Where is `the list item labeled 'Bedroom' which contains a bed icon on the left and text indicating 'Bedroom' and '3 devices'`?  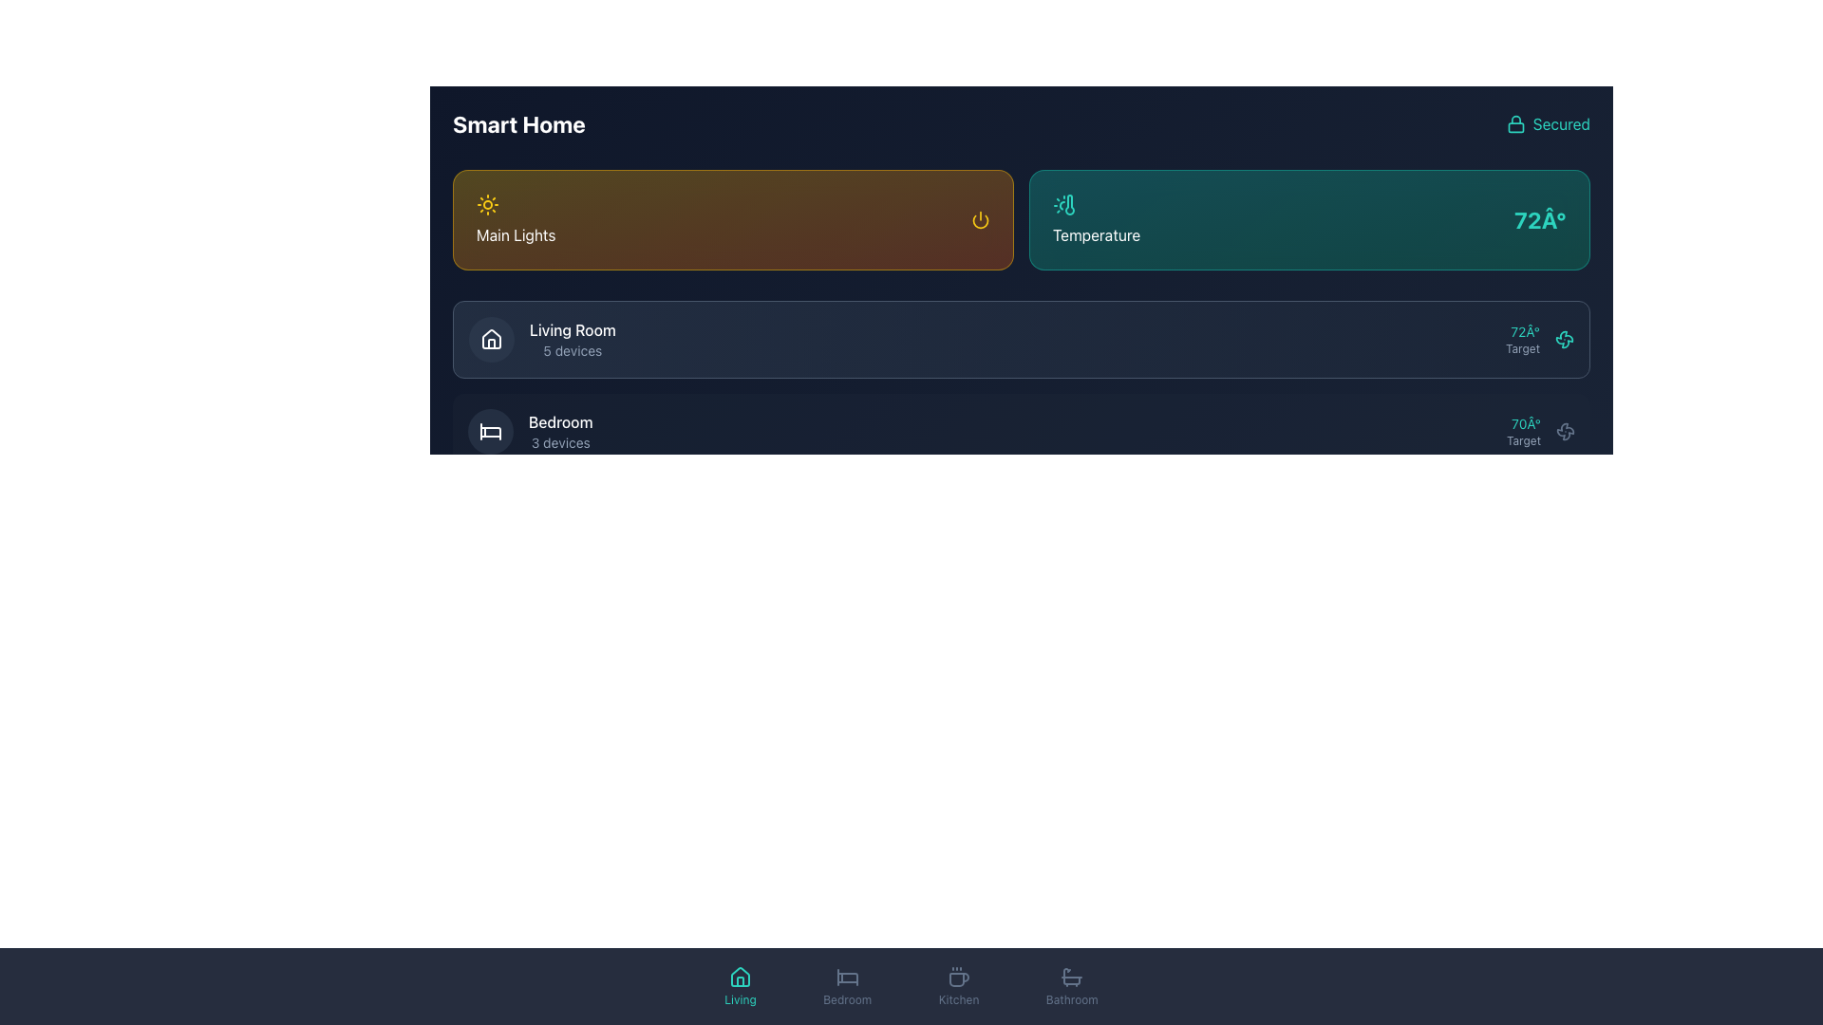 the list item labeled 'Bedroom' which contains a bed icon on the left and text indicating 'Bedroom' and '3 devices' is located at coordinates (530, 432).